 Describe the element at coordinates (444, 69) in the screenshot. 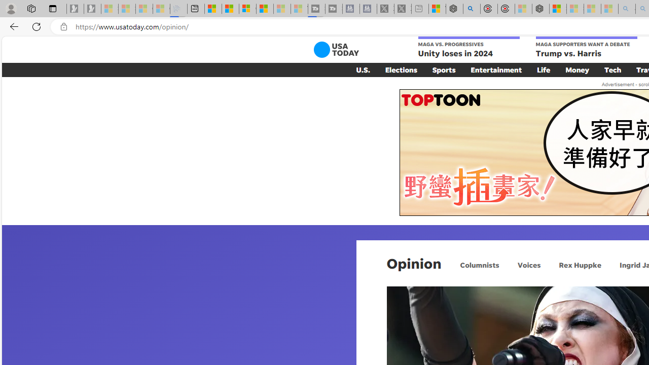

I see `'Sports'` at that location.